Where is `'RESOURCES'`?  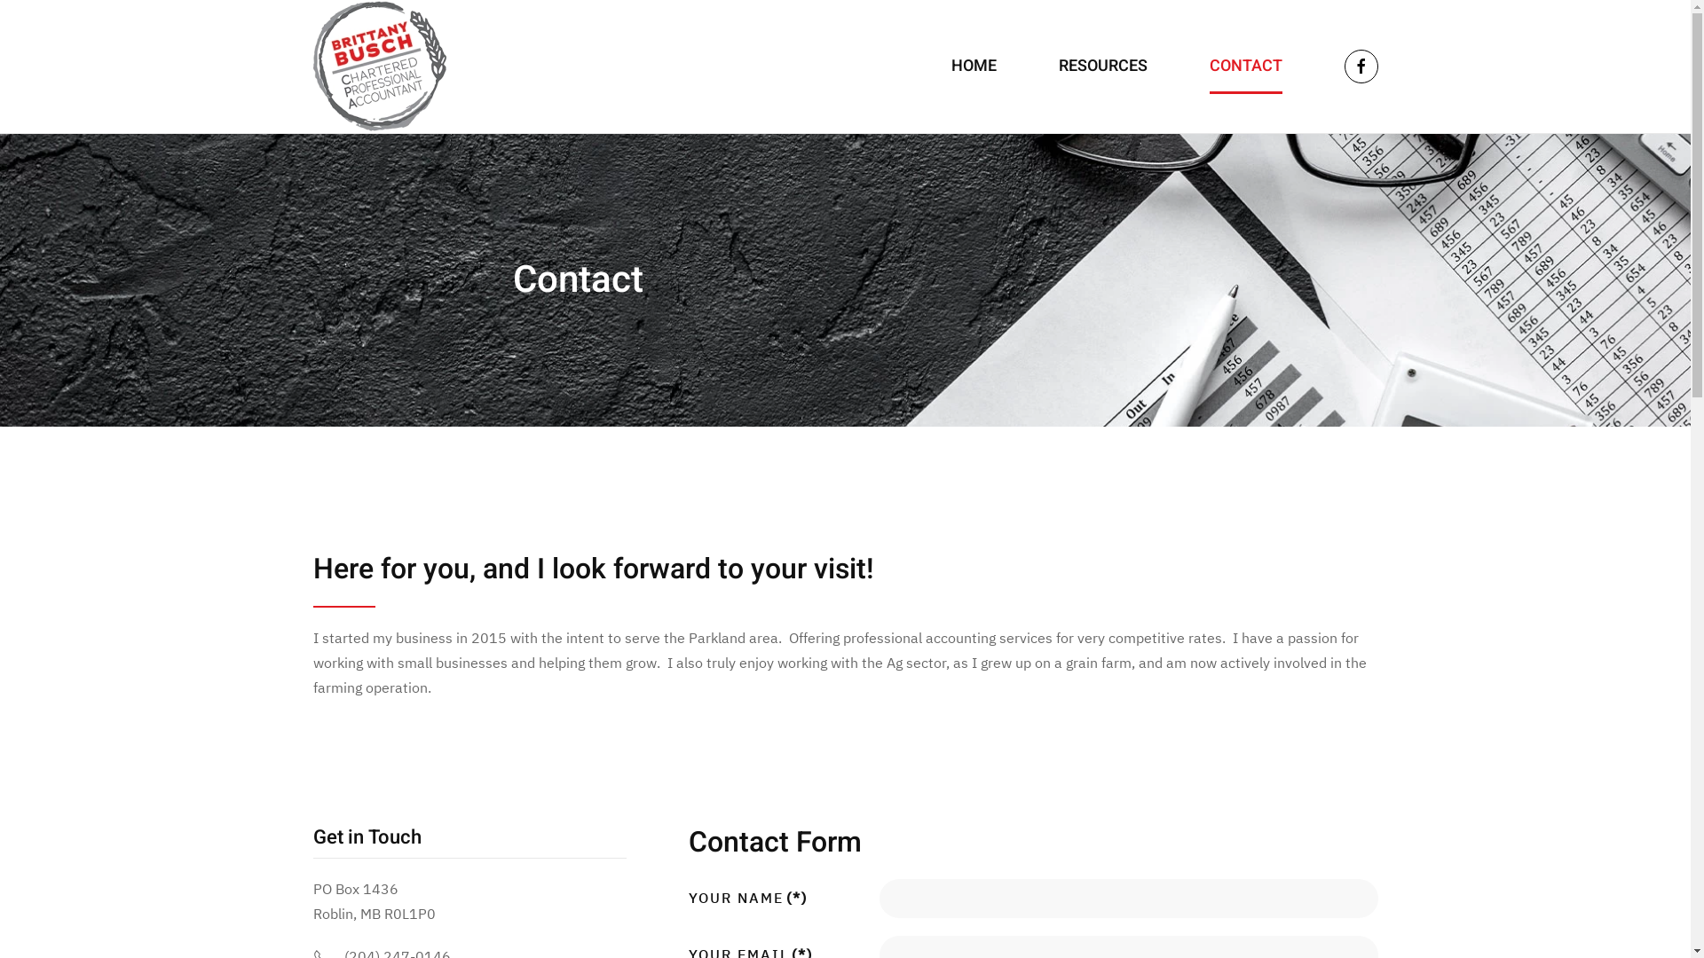
'RESOURCES' is located at coordinates (1101, 65).